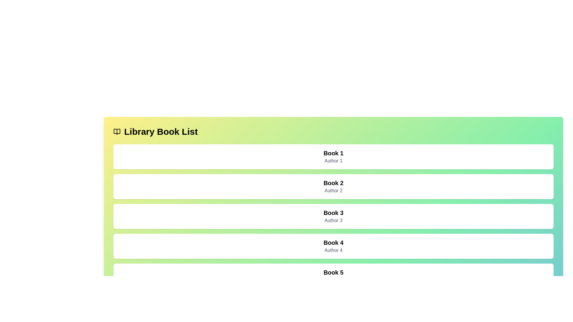 This screenshot has width=573, height=322. I want to click on the text label displaying 'Author 4', which is styled in gray and located below 'Book 4' in the list of book records, so click(333, 250).